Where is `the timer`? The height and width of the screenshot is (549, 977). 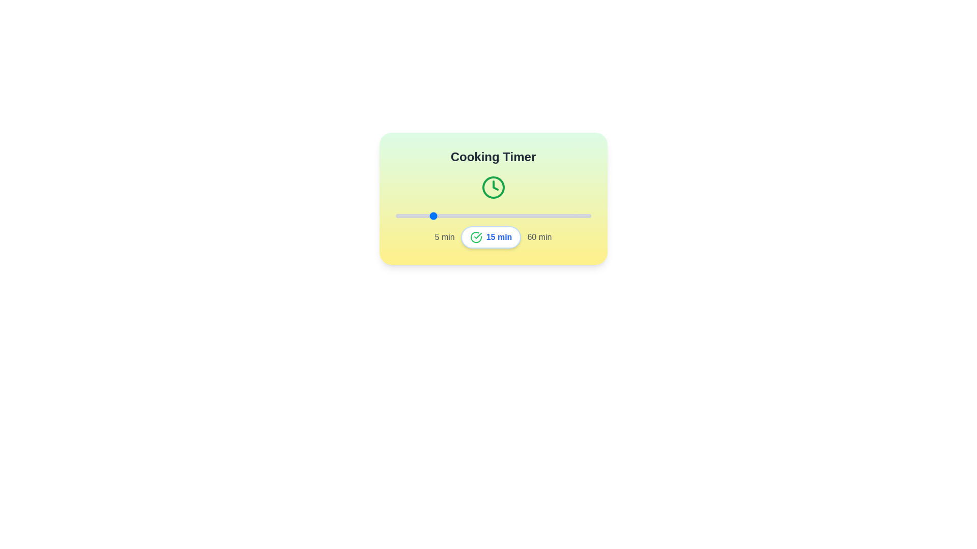
the timer is located at coordinates (402, 215).